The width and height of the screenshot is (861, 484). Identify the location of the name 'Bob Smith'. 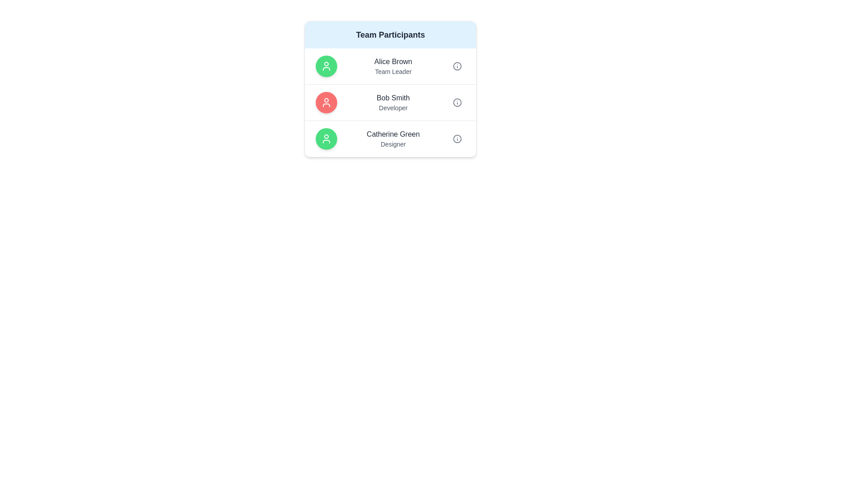
(390, 102).